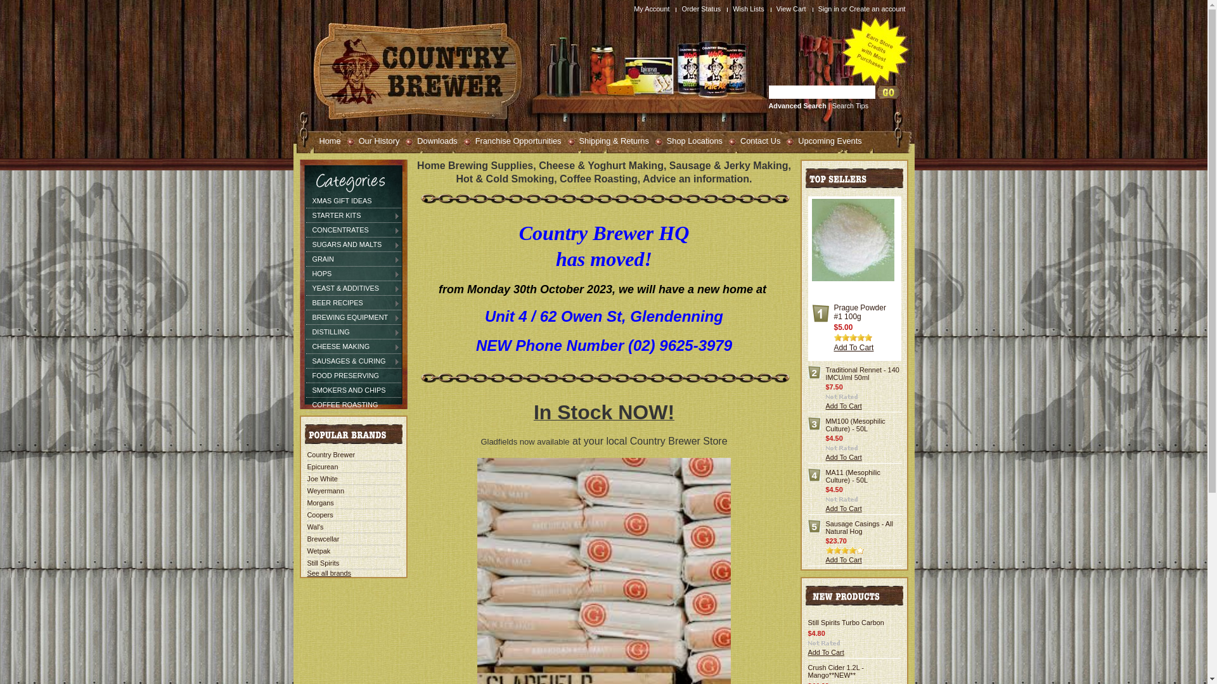 This screenshot has height=684, width=1217. I want to click on 'MM100 (Mesophilic Culture) - 50L', so click(854, 425).